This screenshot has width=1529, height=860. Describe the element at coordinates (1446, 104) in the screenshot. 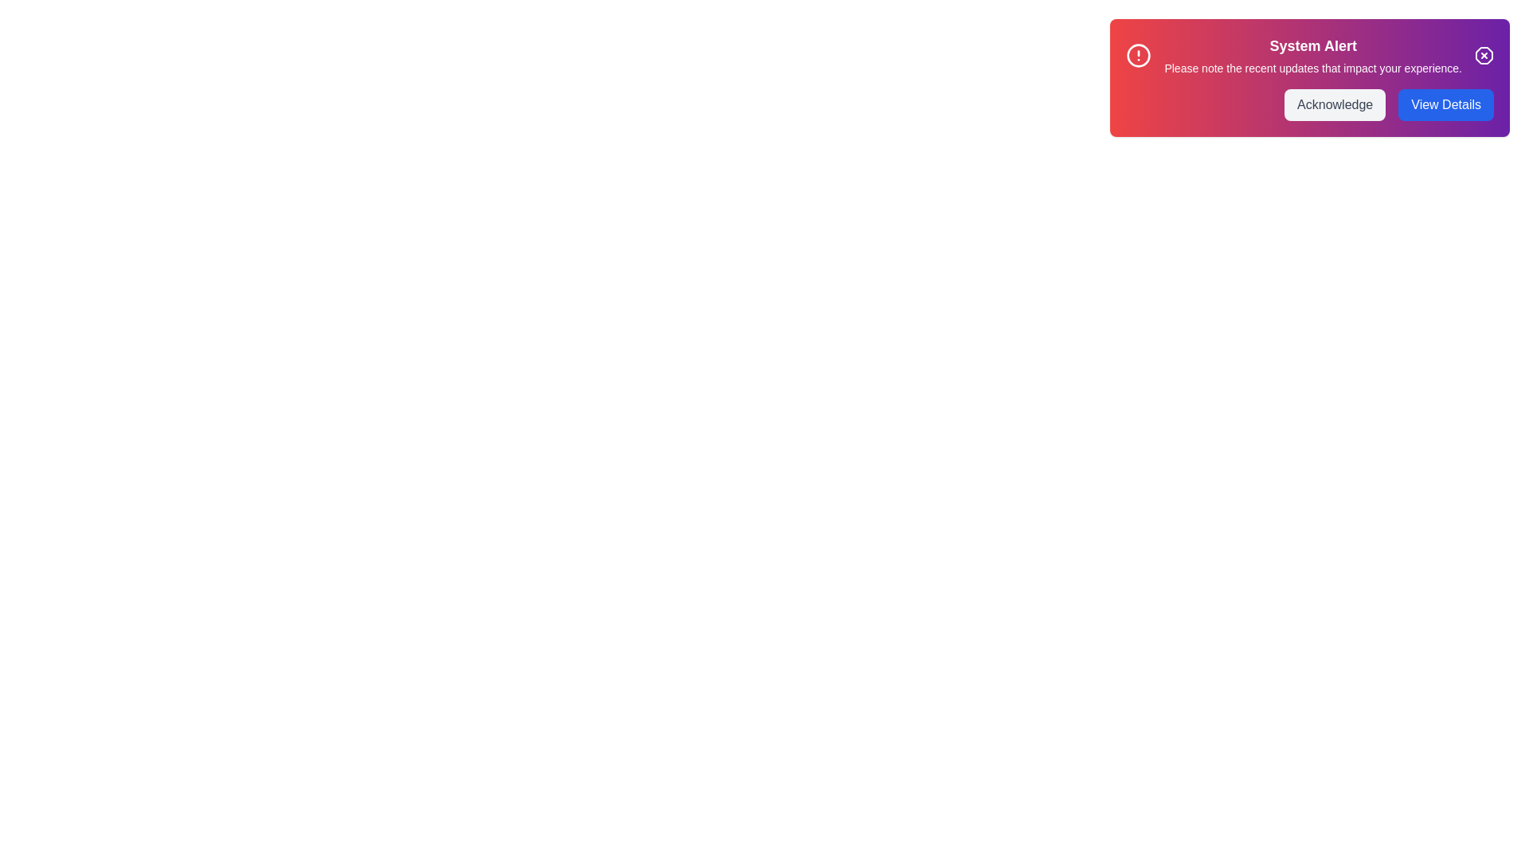

I see `the interactive elements: View Details Button` at that location.